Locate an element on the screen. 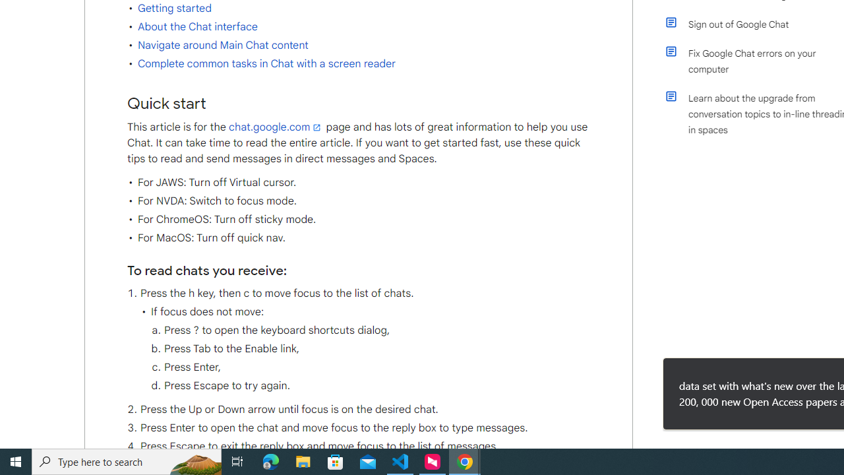 This screenshot has width=844, height=475. 'About the Chat interface' is located at coordinates (196, 27).